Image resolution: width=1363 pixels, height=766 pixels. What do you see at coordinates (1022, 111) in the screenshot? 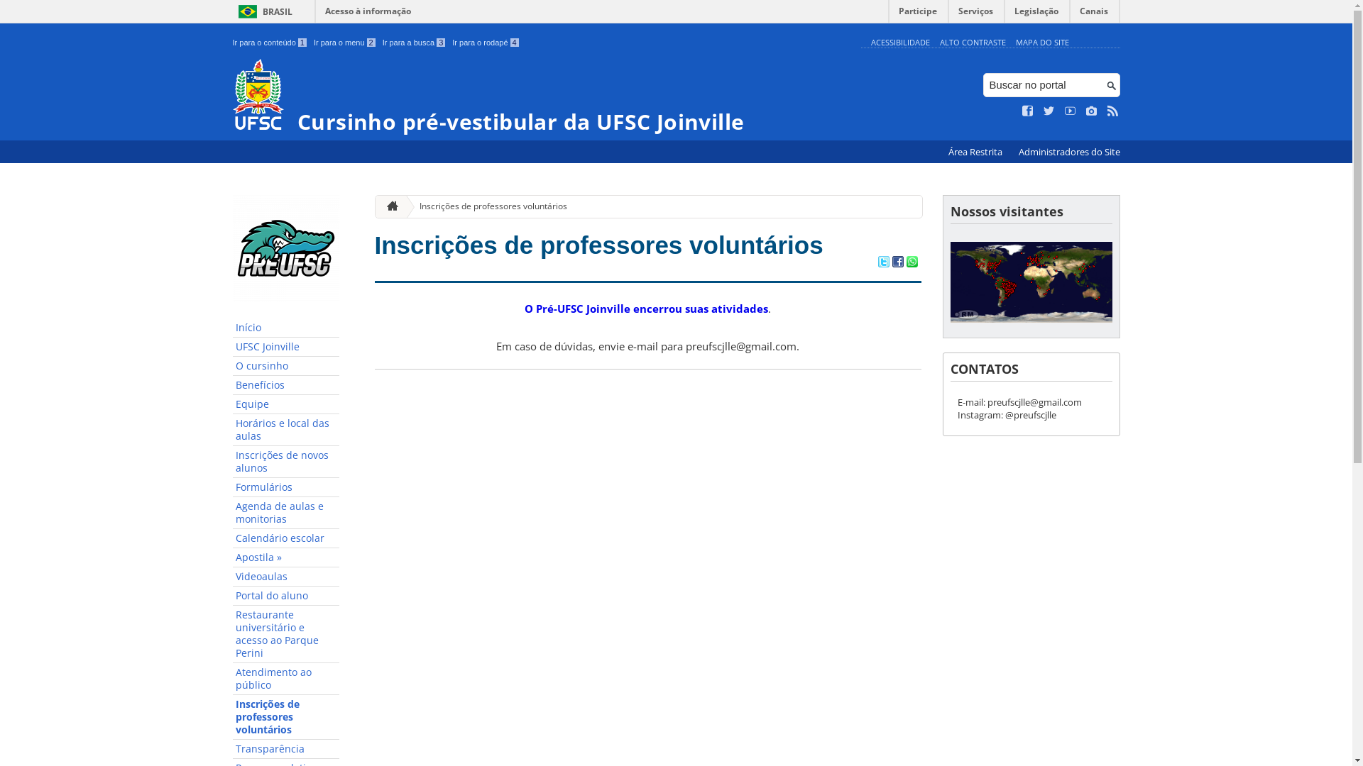
I see `'Curta no Facebook'` at bounding box center [1022, 111].